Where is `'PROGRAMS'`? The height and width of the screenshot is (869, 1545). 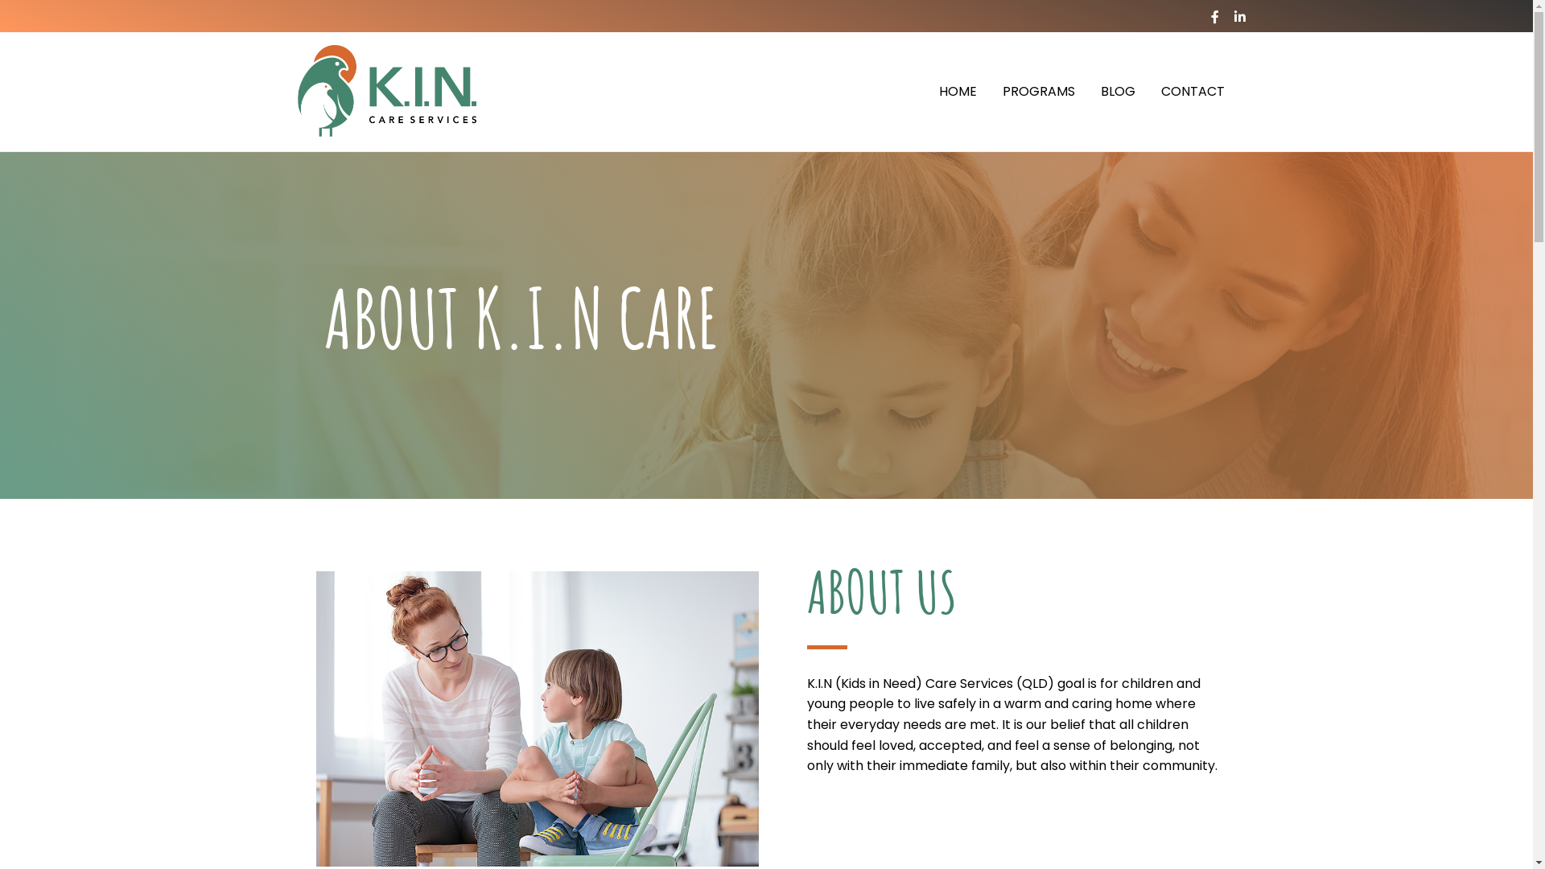 'PROGRAMS' is located at coordinates (1039, 92).